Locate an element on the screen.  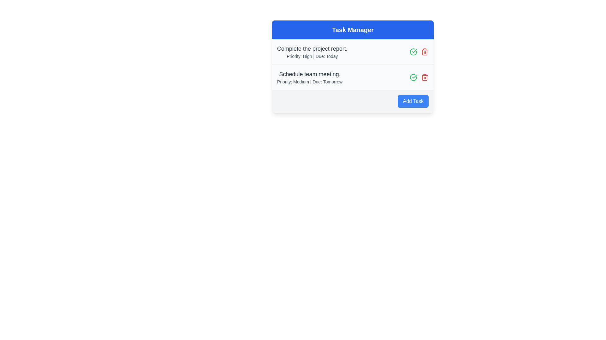
text label displaying 'Priority: High | Due: Today', which is styled in a smaller gray font and located below the task title 'Complete the project report.' in the first task card is located at coordinates (312, 56).